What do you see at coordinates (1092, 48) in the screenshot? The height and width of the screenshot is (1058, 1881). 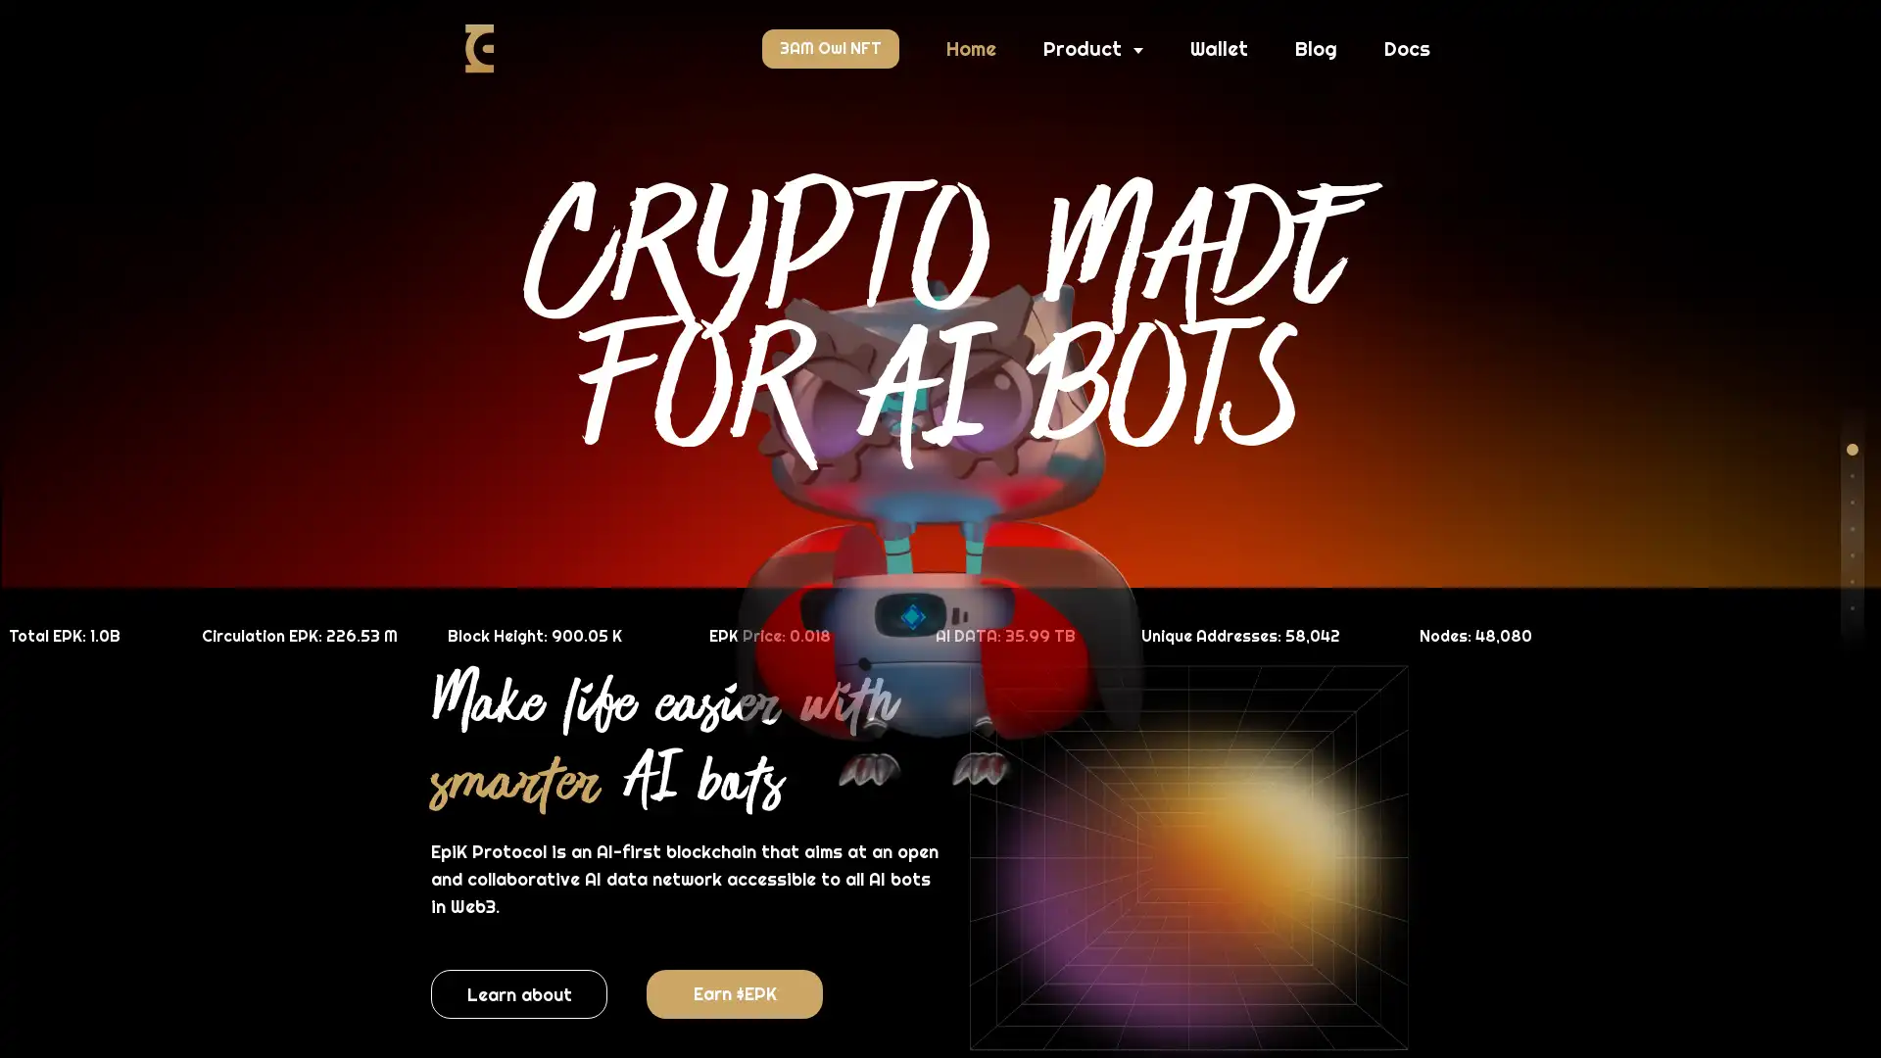 I see `Product` at bounding box center [1092, 48].